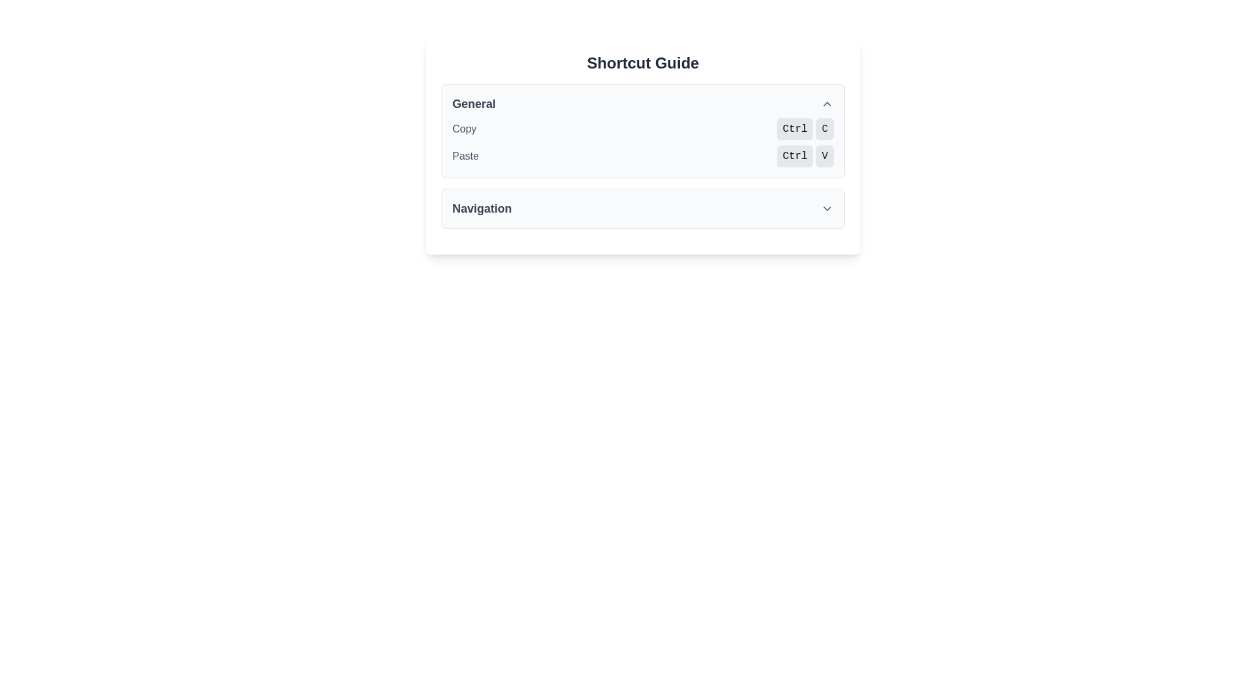 This screenshot has width=1241, height=698. Describe the element at coordinates (824, 129) in the screenshot. I see `the static representation of the 'C' key in the 'Shortcut Guide' under the 'General' section, which visually indicates the 'Copy' shortcut` at that location.